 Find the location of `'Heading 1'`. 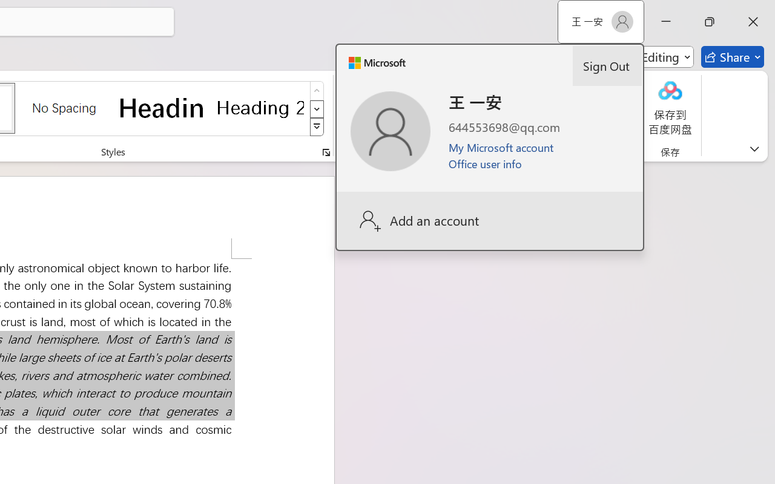

'Heading 1' is located at coordinates (162, 107).